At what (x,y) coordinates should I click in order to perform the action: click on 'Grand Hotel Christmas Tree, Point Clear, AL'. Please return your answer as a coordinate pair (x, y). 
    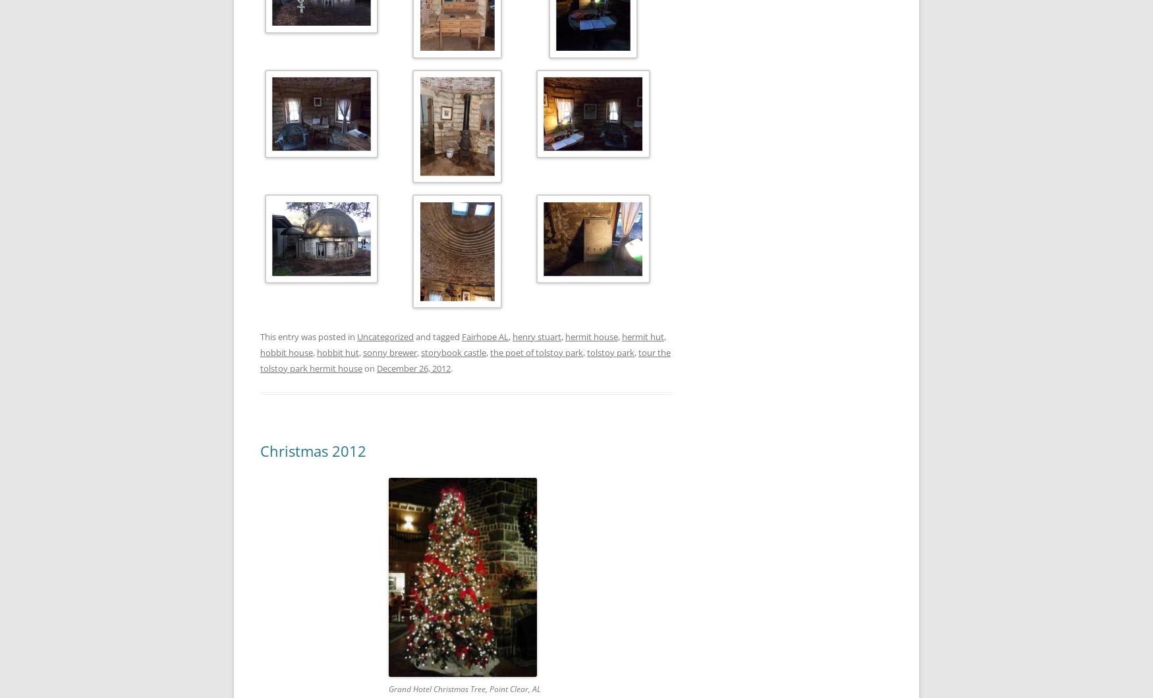
    Looking at the image, I should click on (464, 687).